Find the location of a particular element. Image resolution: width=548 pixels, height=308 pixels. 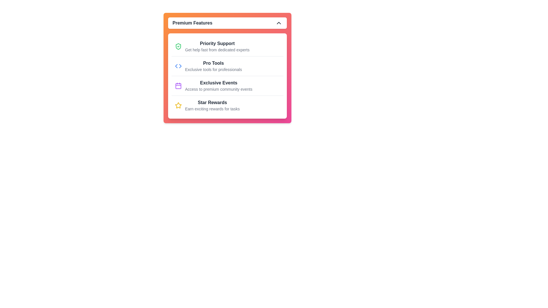

the second subsection labeled 'Pro Tools' within the 'Premium Features' section is located at coordinates (227, 68).